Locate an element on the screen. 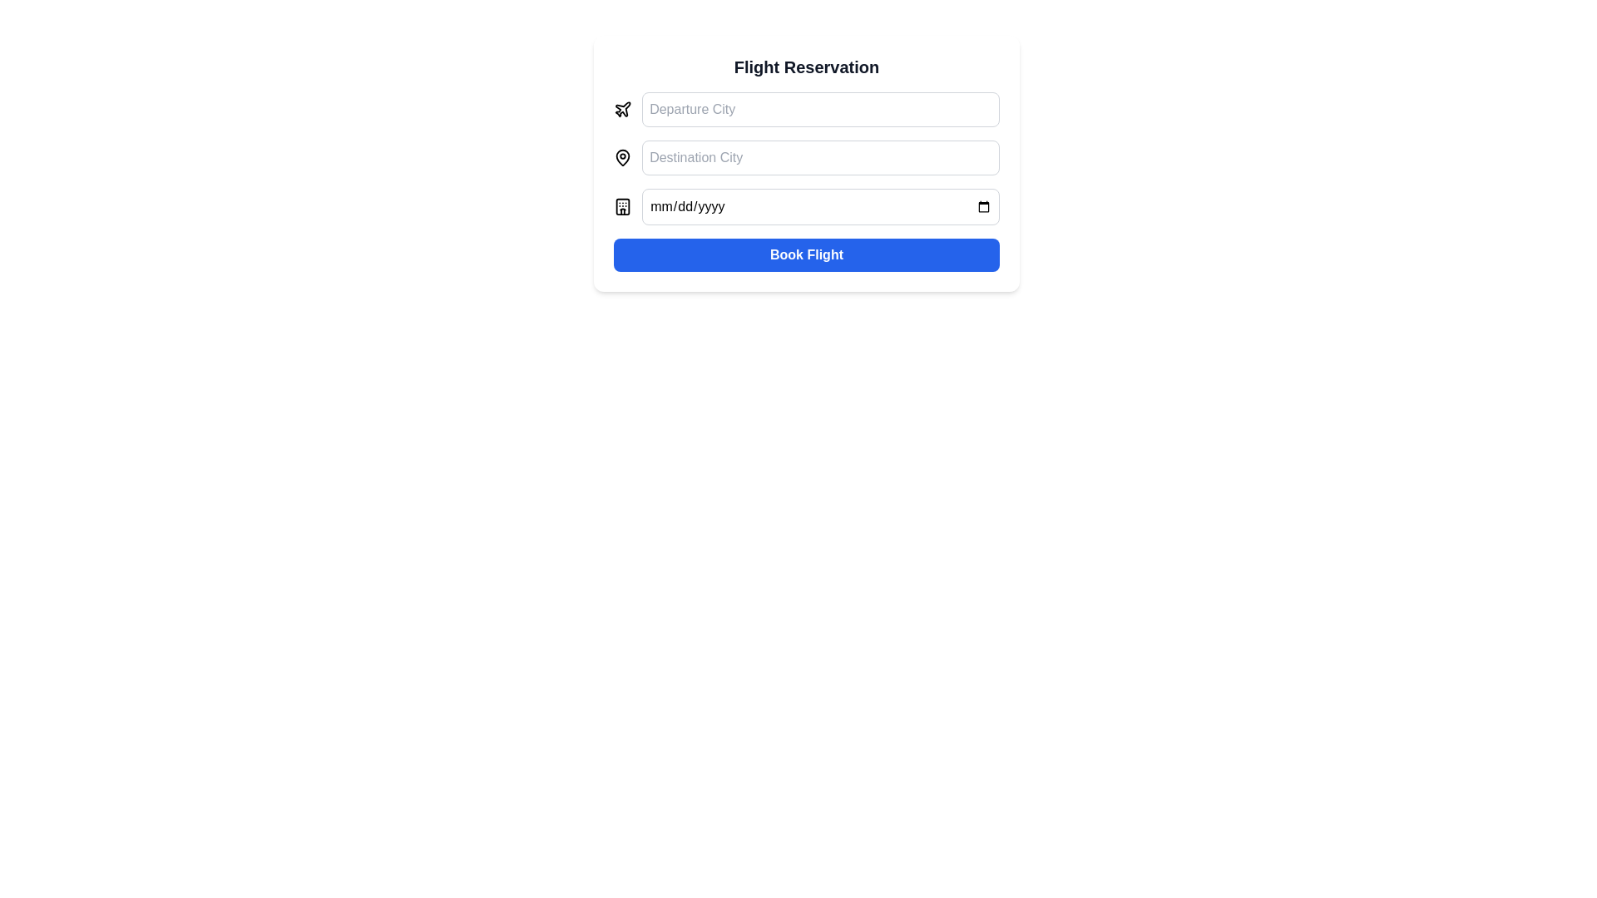 This screenshot has height=898, width=1597. the date-picker input field in the Flight Reservation form to focus and type the date is located at coordinates (806, 206).